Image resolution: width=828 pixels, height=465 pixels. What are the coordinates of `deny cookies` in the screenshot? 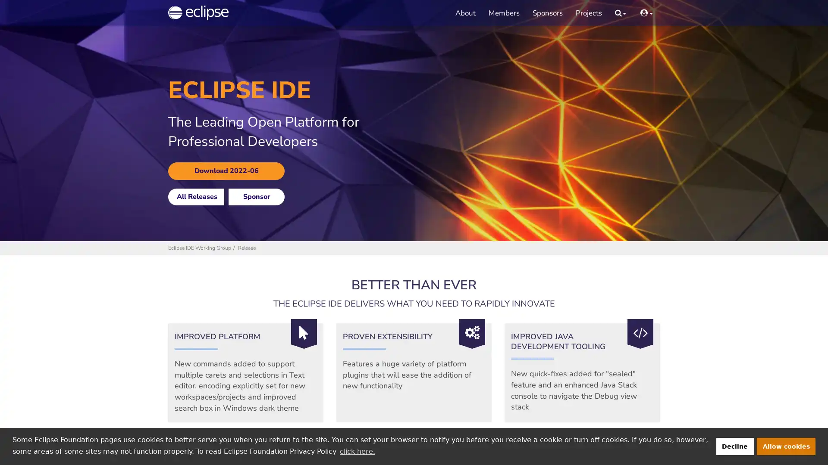 It's located at (734, 446).